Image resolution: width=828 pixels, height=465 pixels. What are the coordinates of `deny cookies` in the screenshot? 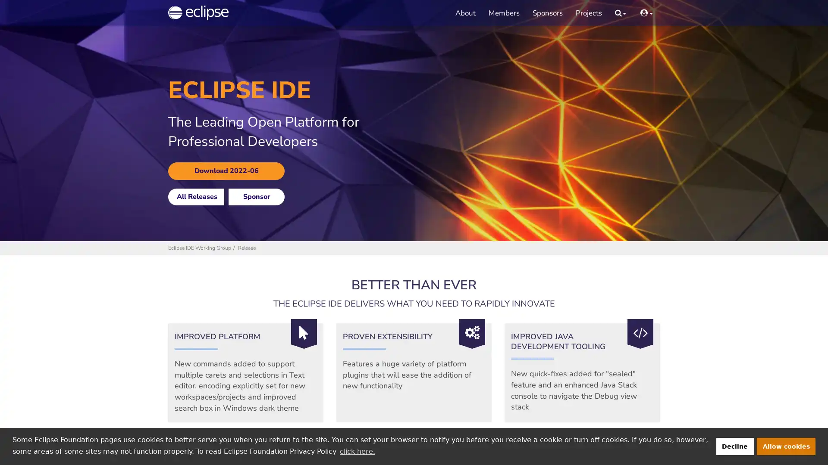 It's located at (734, 446).